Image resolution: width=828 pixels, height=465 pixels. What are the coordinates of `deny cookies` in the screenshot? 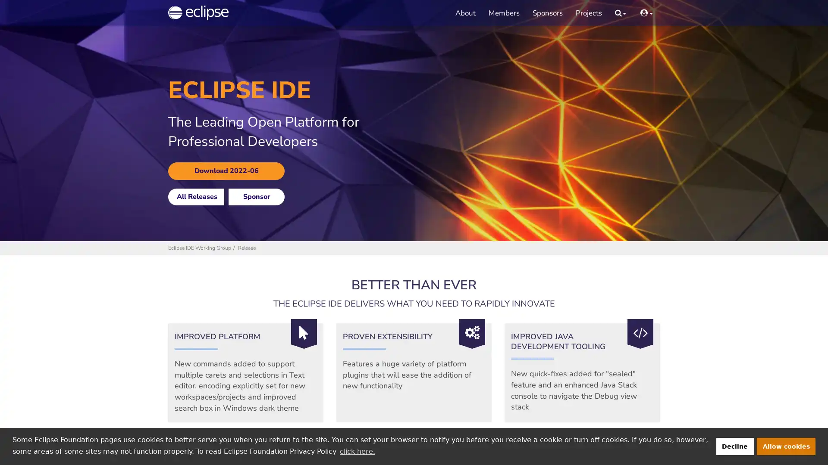 It's located at (734, 446).